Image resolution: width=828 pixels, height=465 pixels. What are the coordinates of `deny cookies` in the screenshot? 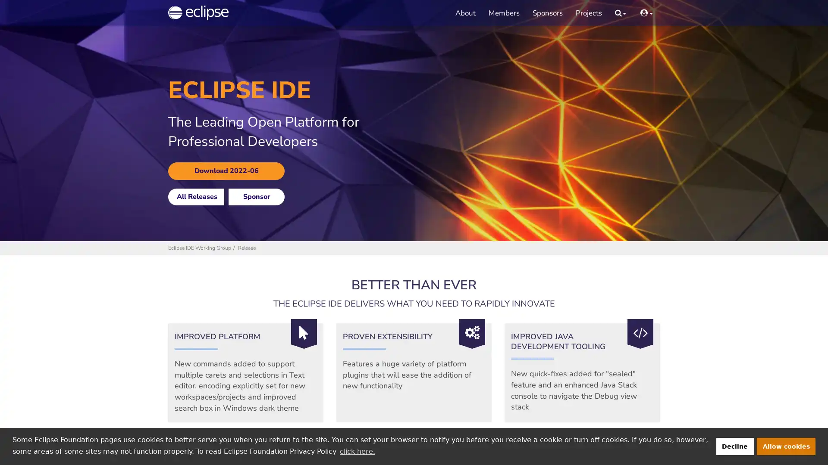 It's located at (734, 446).